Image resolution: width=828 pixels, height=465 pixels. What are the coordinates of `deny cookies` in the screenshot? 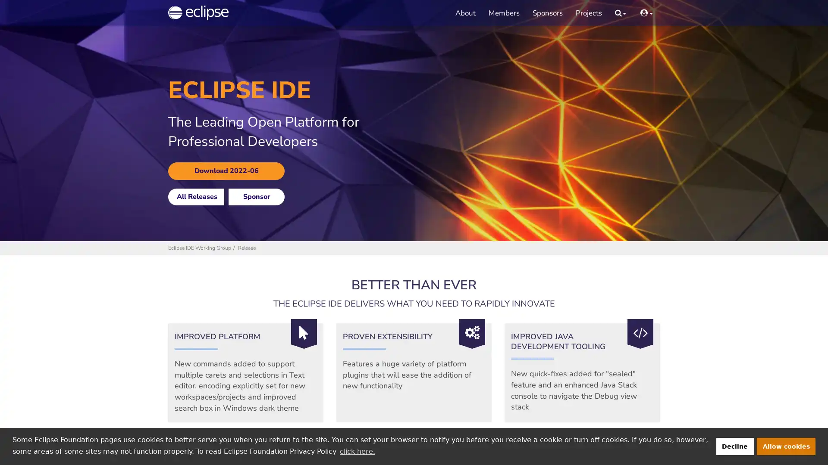 It's located at (734, 446).